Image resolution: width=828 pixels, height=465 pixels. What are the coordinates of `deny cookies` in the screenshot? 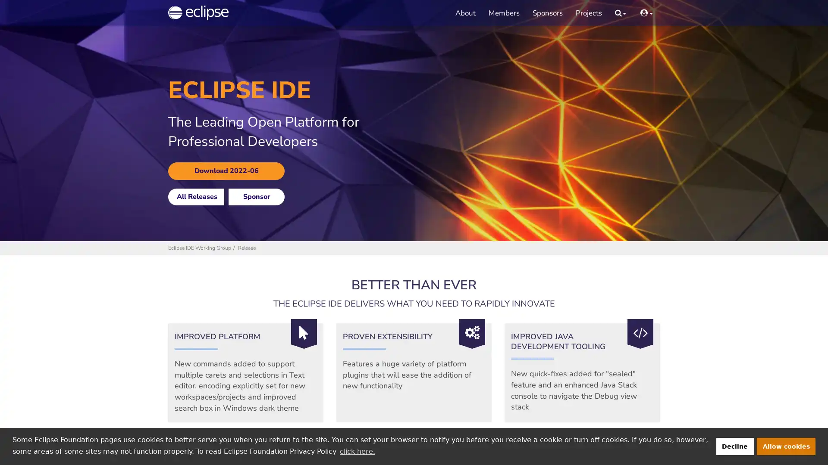 It's located at (734, 446).